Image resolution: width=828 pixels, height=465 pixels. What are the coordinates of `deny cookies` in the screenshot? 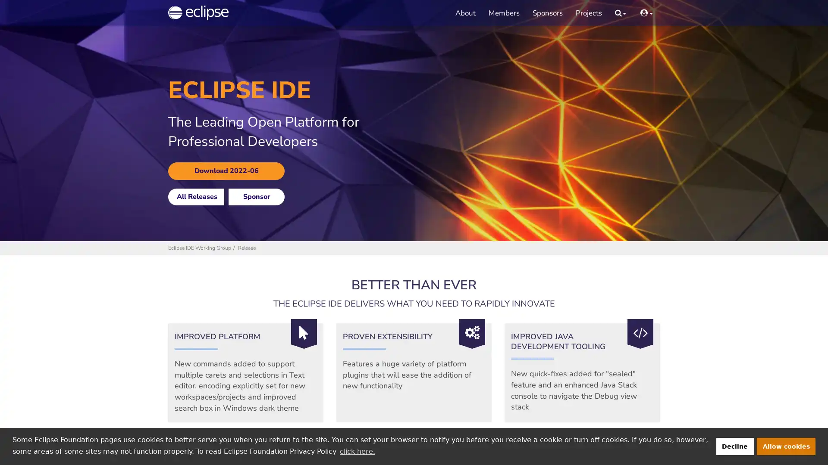 It's located at (734, 446).